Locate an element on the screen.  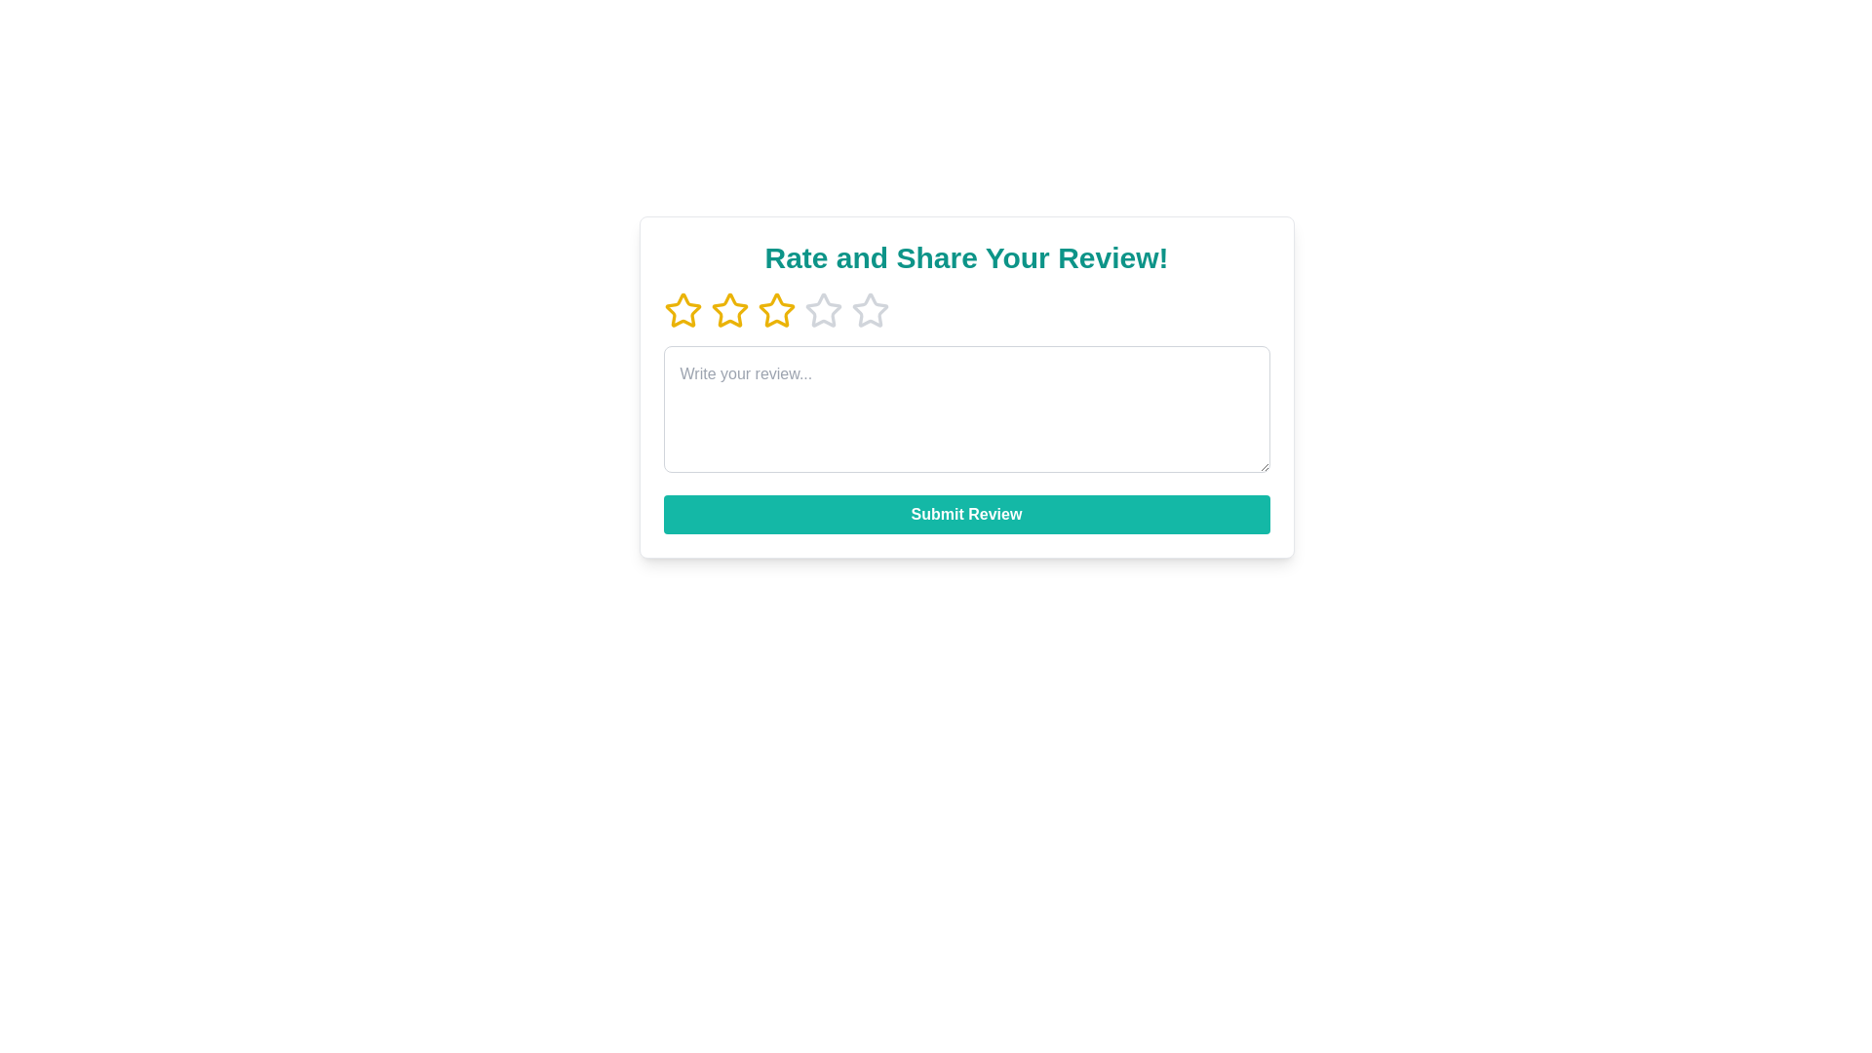
the movie rating to 2 stars by clicking the corresponding star is located at coordinates (728, 310).